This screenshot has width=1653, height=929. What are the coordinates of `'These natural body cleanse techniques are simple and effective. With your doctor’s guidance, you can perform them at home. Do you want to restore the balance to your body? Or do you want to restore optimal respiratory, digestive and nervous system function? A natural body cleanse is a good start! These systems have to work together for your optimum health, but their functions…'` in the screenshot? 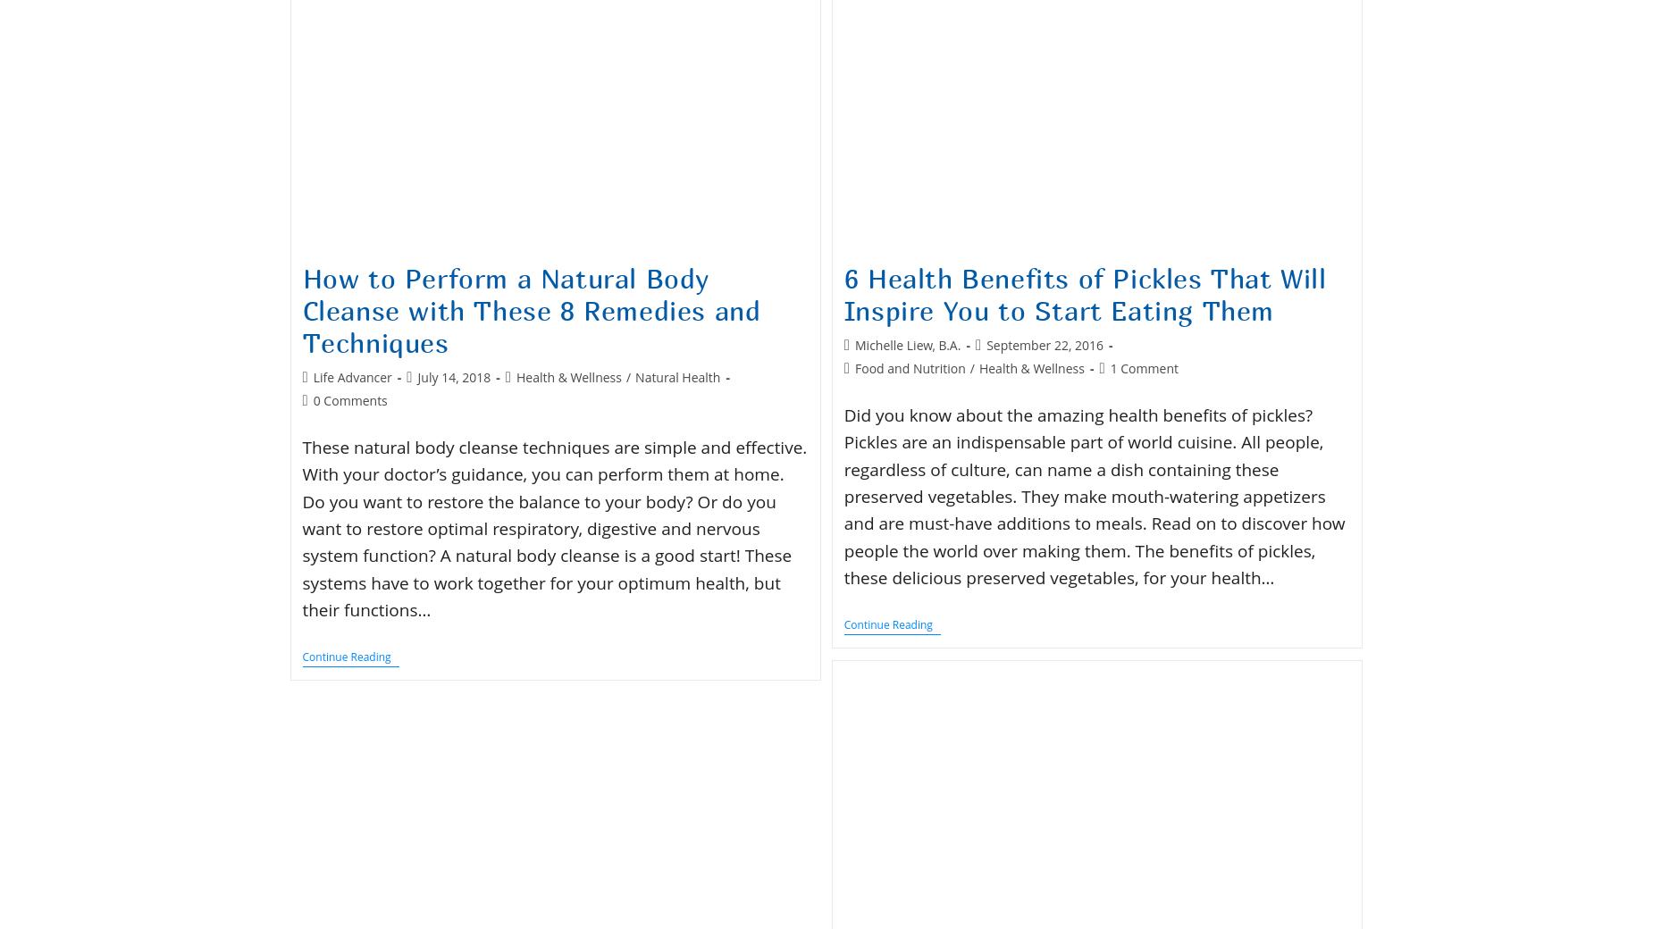 It's located at (300, 527).